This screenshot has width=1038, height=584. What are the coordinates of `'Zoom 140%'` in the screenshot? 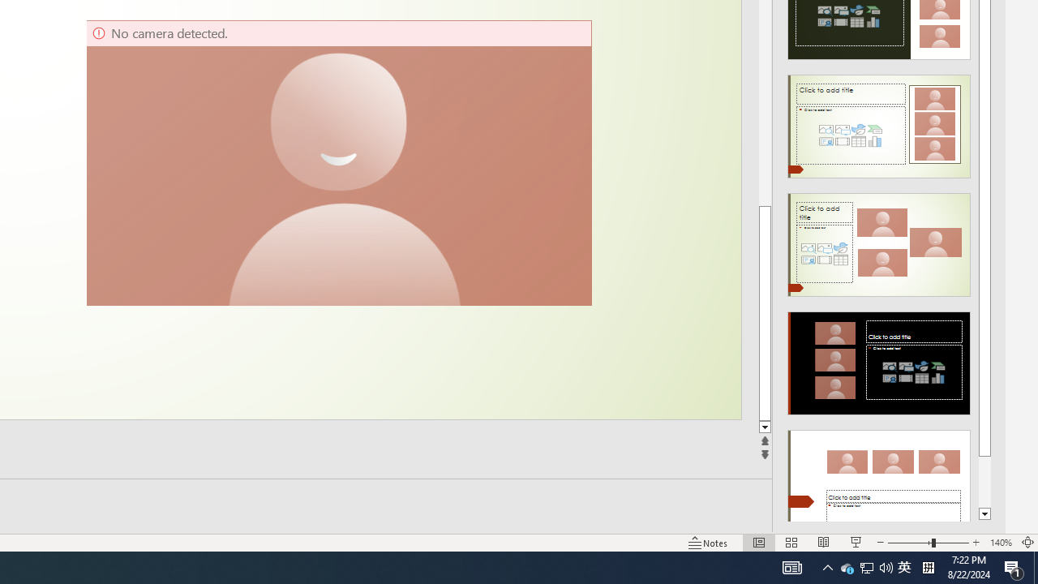 It's located at (1000, 543).